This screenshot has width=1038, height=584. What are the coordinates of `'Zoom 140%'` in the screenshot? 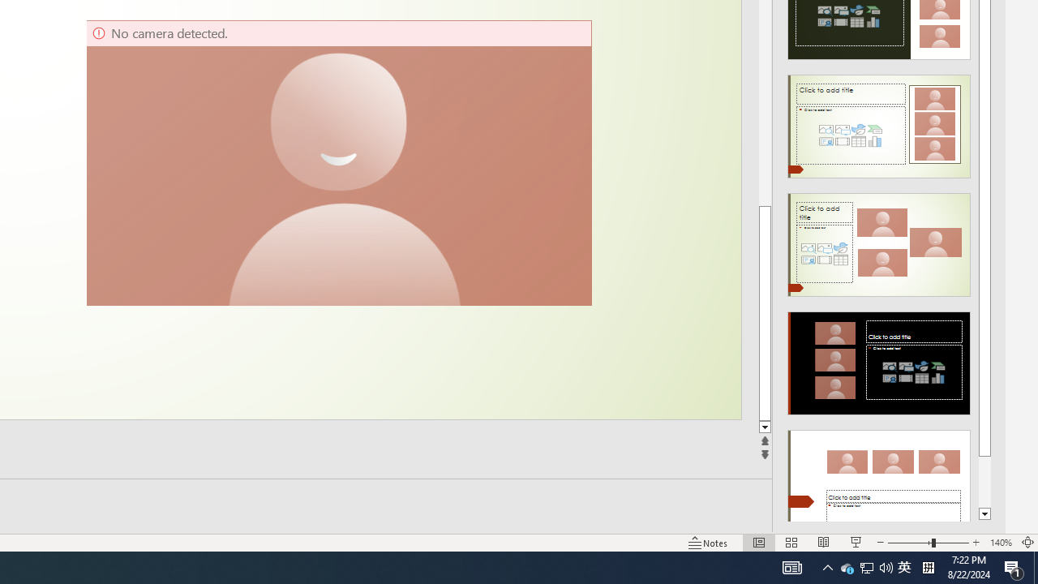 It's located at (1000, 543).